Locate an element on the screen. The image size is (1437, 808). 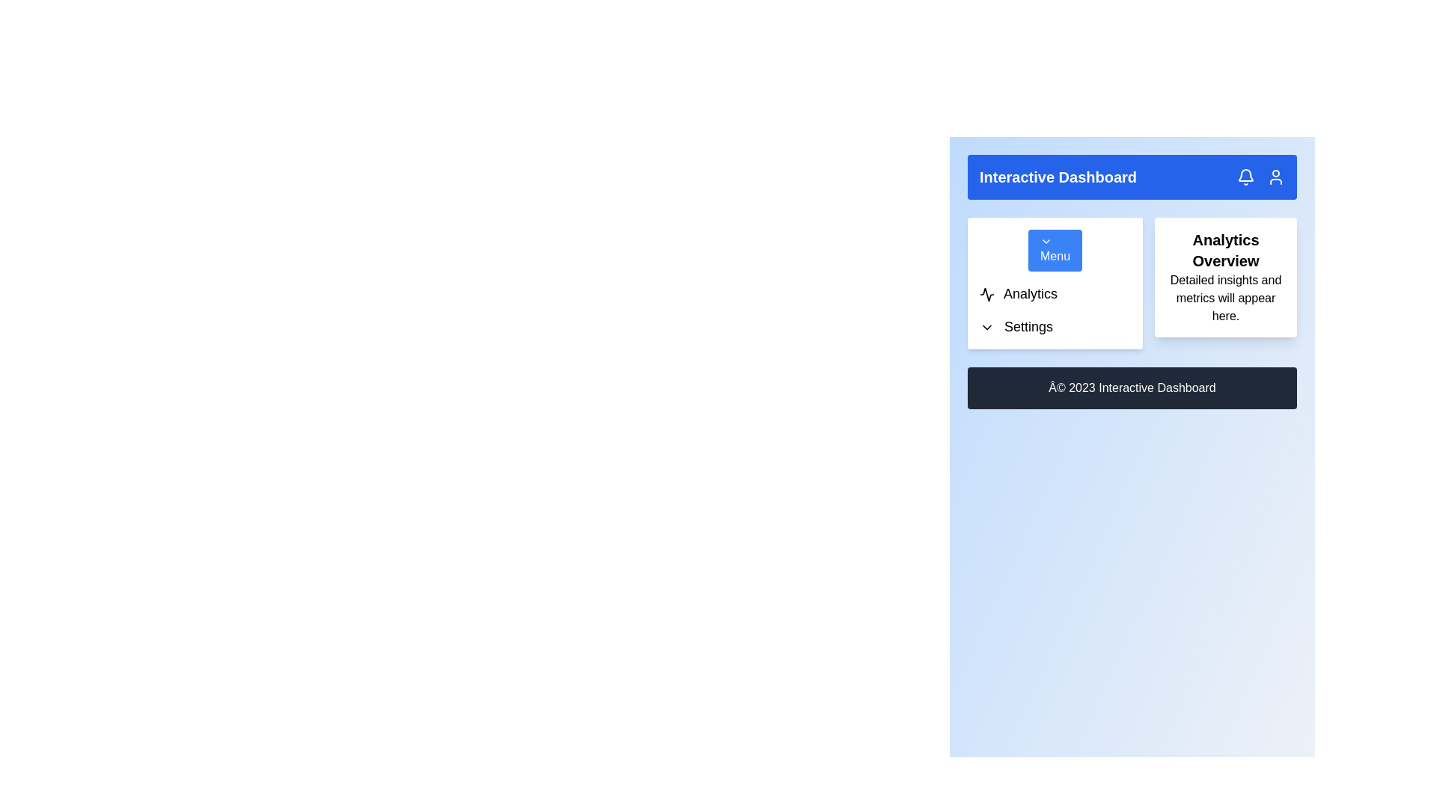
the header banner of the application titled 'Interactive Dashboard' is located at coordinates (1132, 176).